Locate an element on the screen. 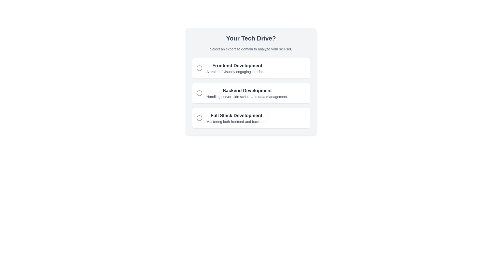 Image resolution: width=489 pixels, height=275 pixels. the text label displaying 'Full Stack Development', which is bold and dark gray, located at the center of the 'Full Stack Development Mastering both frontend and backend.' box in the vertically stacked selection list is located at coordinates (236, 116).